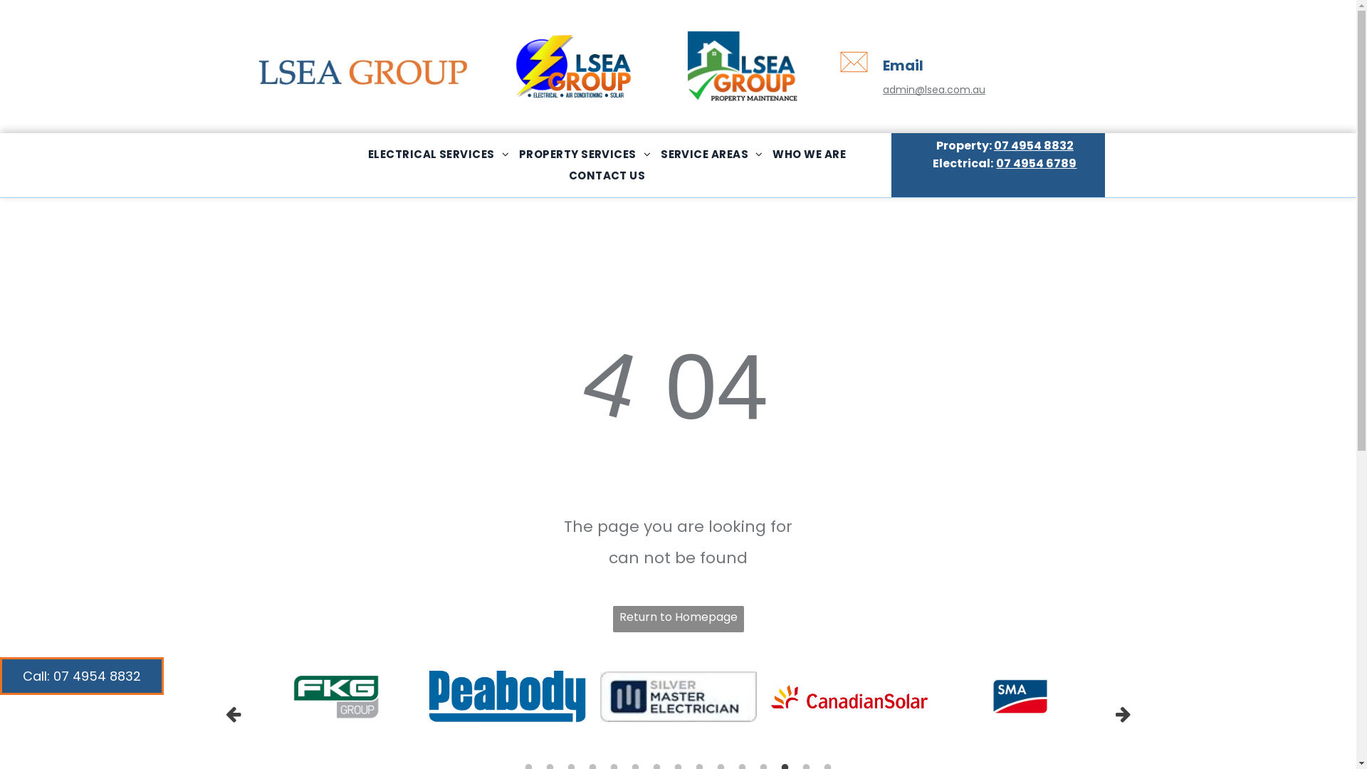 This screenshot has width=1367, height=769. Describe the element at coordinates (769, 696) in the screenshot. I see `'https://www.canadiansolar.com/'` at that location.